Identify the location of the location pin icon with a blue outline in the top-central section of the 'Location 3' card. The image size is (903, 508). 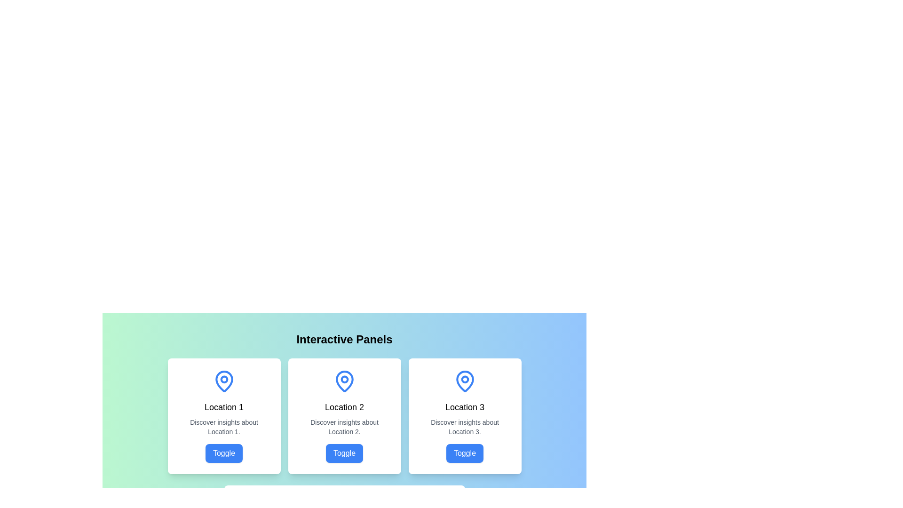
(465, 381).